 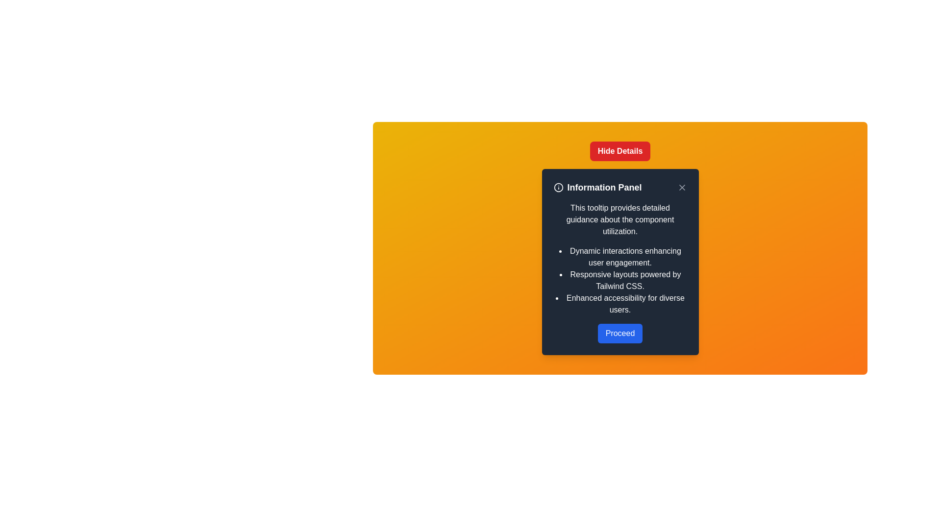 What do you see at coordinates (681, 187) in the screenshot?
I see `the close button 'X' on the dark-themed header of the 'Information Panel' modal` at bounding box center [681, 187].